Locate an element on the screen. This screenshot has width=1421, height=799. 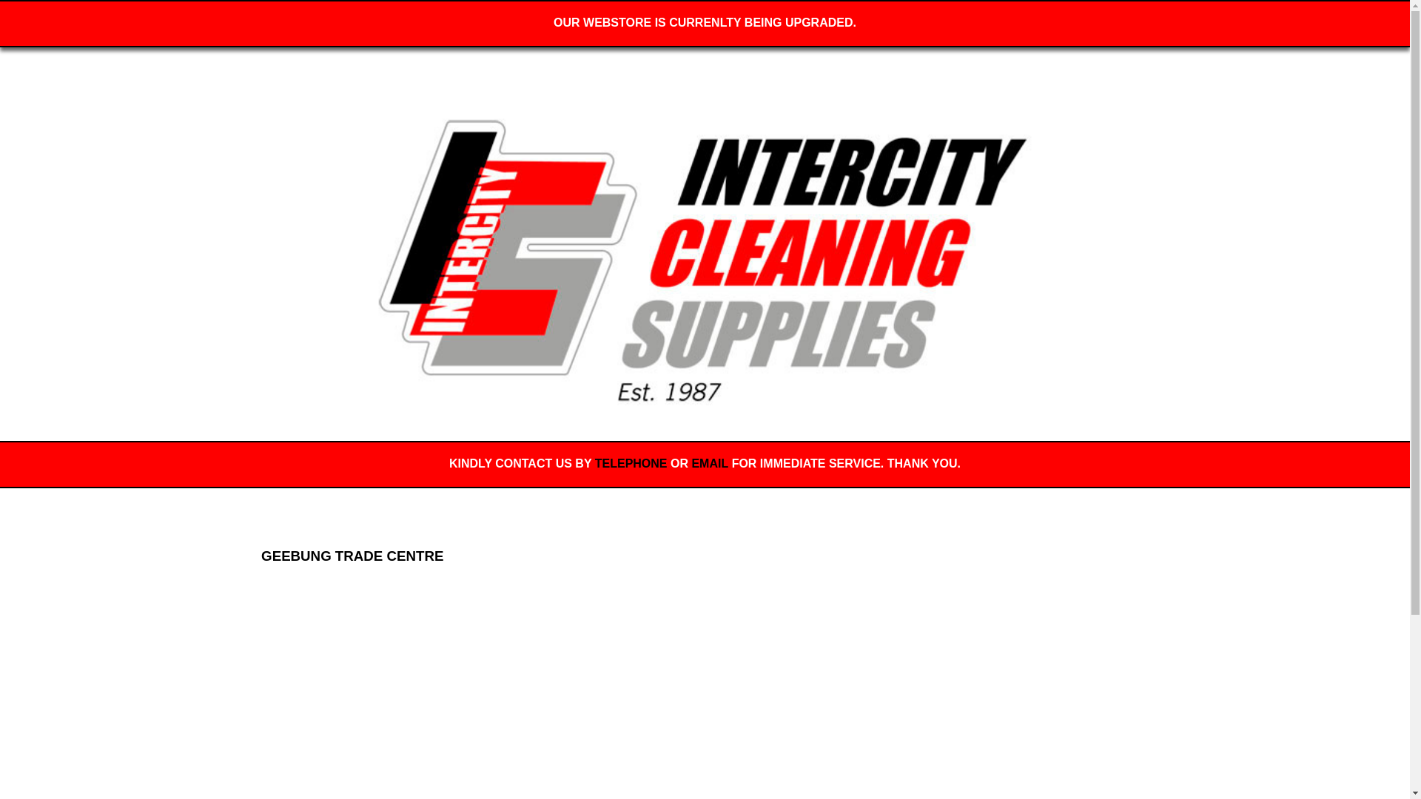
'TELEPHONE' is located at coordinates (595, 462).